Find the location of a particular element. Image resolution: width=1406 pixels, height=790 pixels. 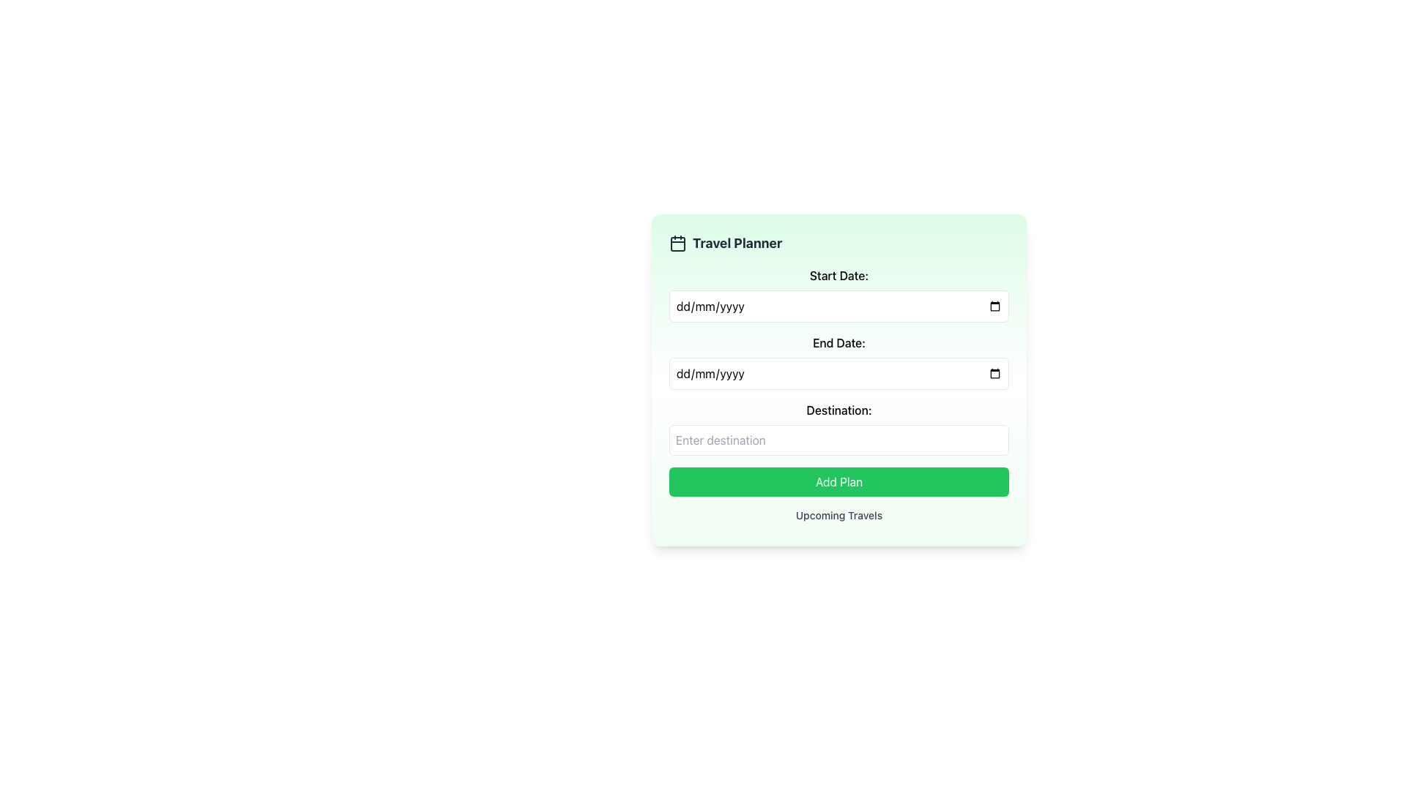

the white-filled rectangular shape inside the calendar icon located at the top of the 'Travel Planner' card is located at coordinates (677, 244).